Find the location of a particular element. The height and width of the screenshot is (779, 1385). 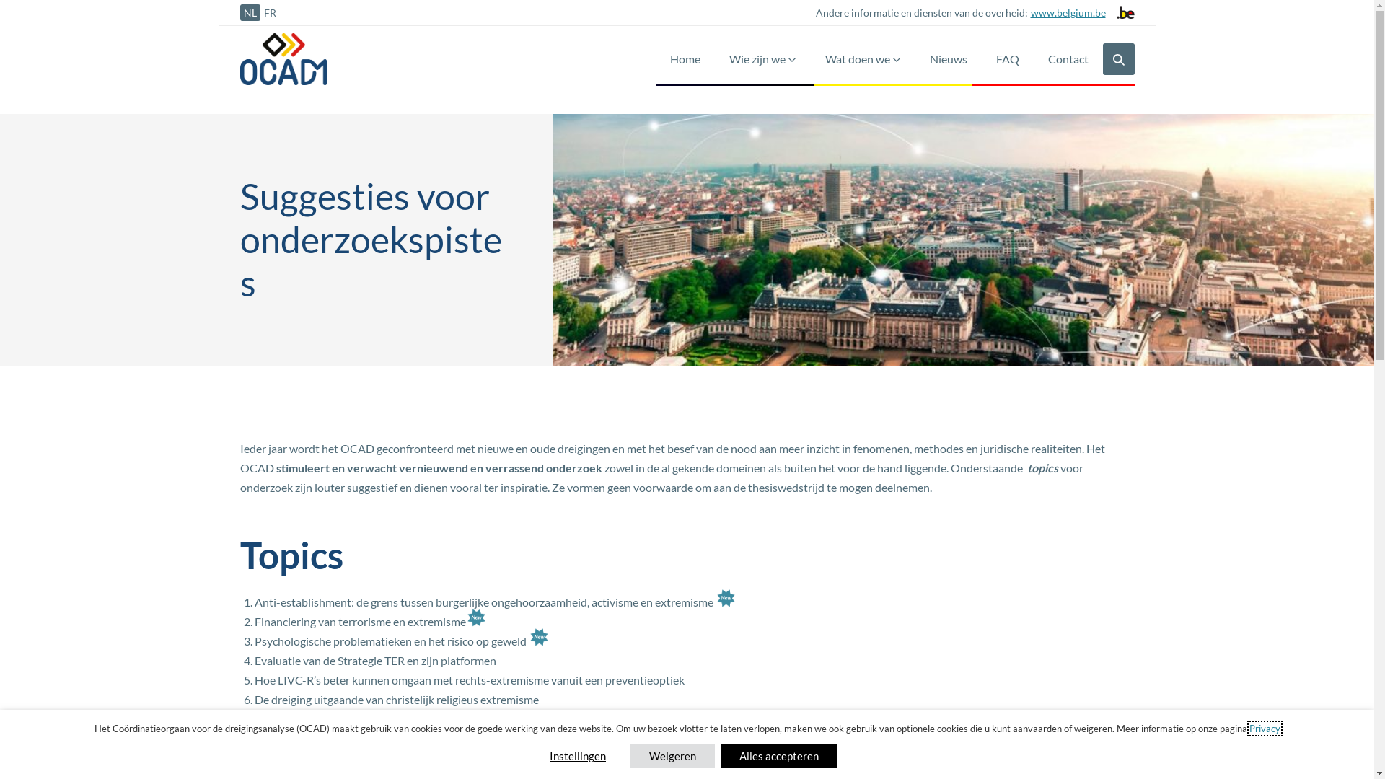

'Weigeren' is located at coordinates (672, 755).